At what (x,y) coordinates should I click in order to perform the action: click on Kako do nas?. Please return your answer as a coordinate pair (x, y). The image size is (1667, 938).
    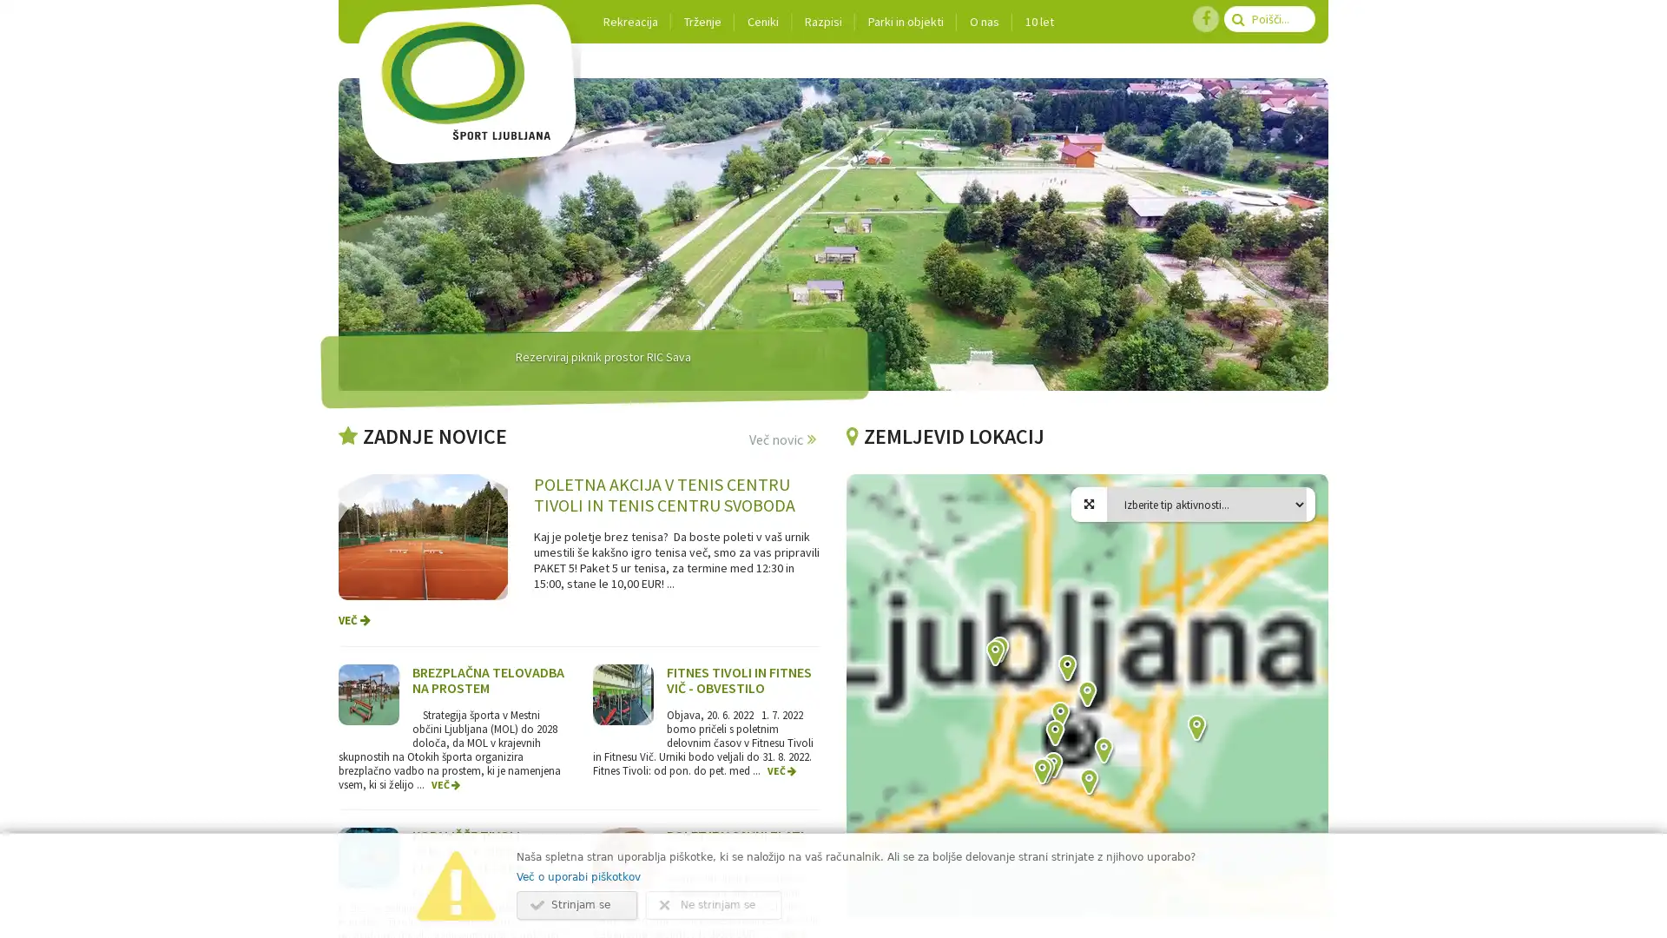
    Looking at the image, I should click on (1195, 730).